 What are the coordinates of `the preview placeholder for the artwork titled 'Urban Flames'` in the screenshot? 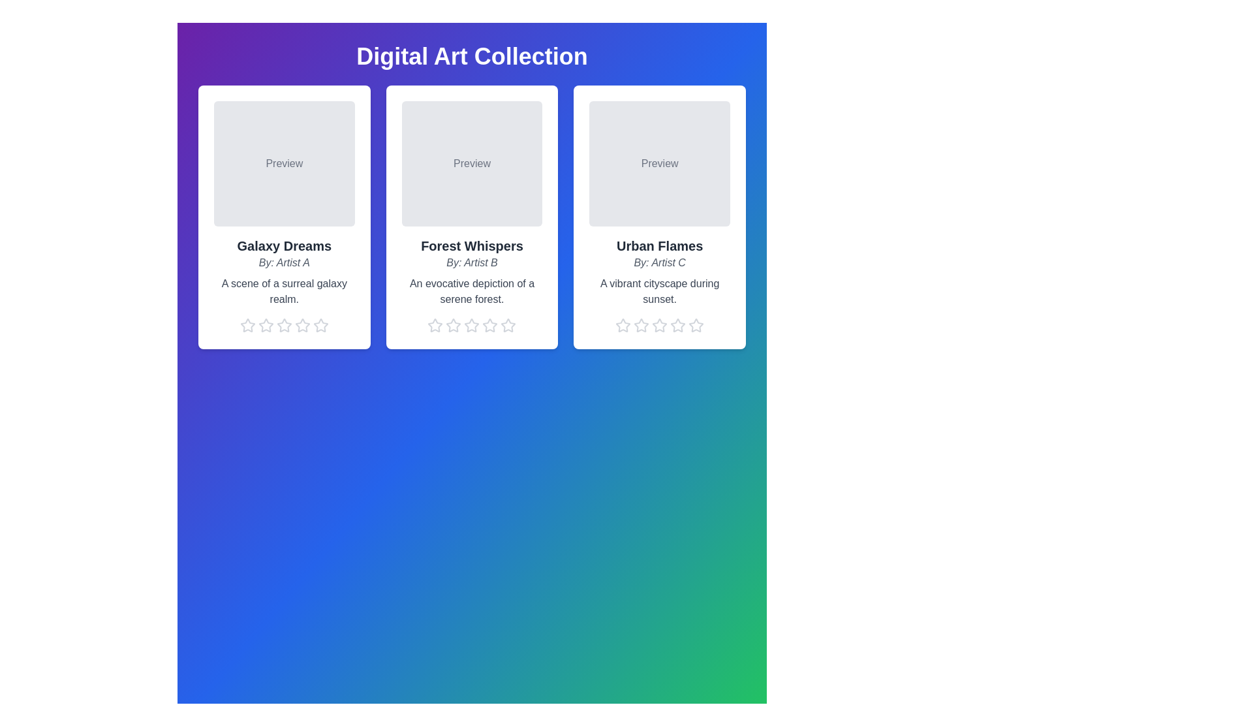 It's located at (660, 163).